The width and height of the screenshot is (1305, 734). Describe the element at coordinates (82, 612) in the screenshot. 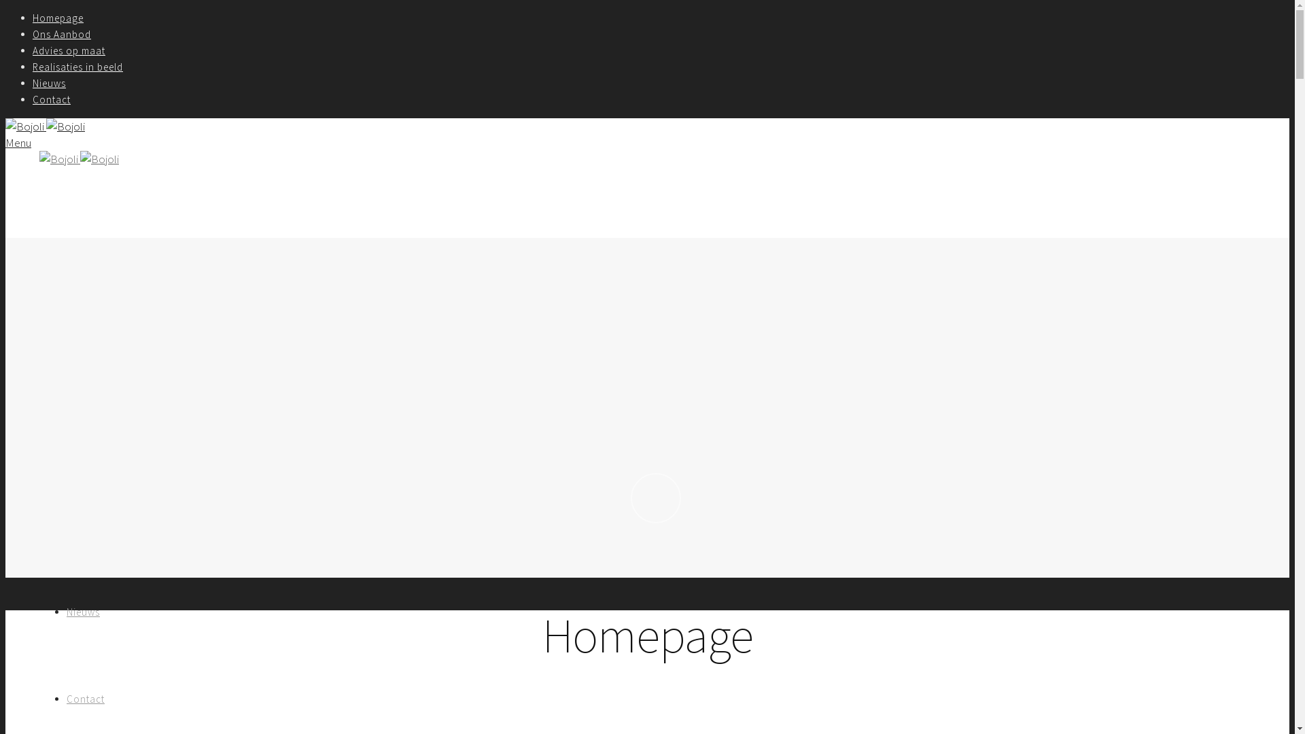

I see `'Nieuws'` at that location.